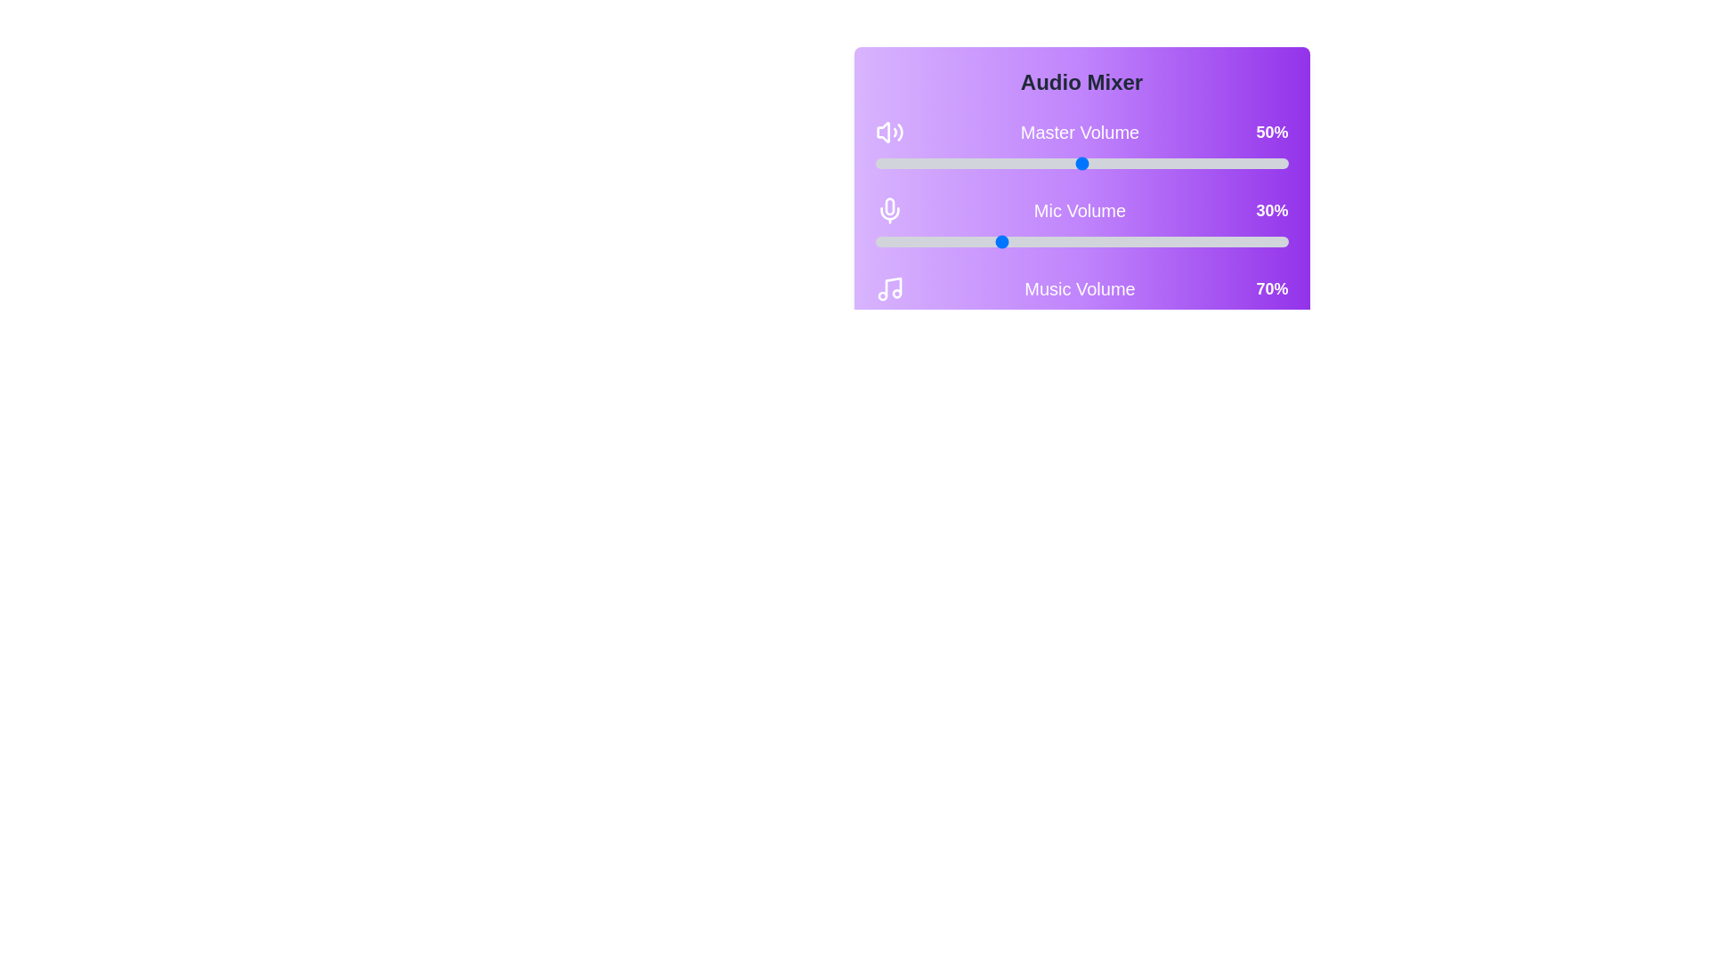 The width and height of the screenshot is (1709, 961). Describe the element at coordinates (1271, 132) in the screenshot. I see `the static text label displaying the percentage value of 'Master Volume', located at the top-center area of the interface` at that location.